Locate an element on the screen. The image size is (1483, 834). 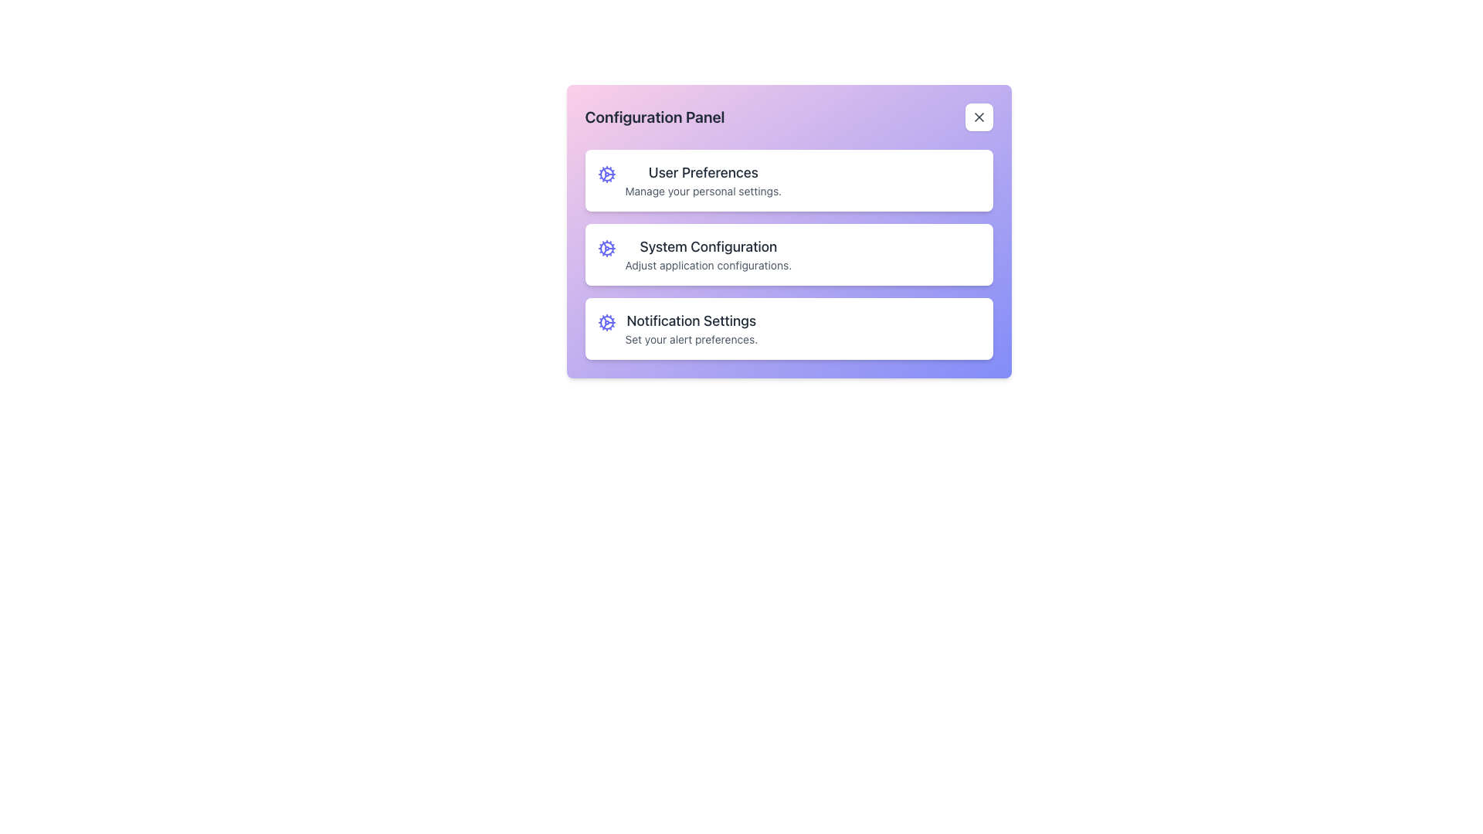
text label displaying 'Adjust application configurations.' which is located beneath the heading 'System Configuration' is located at coordinates (708, 264).